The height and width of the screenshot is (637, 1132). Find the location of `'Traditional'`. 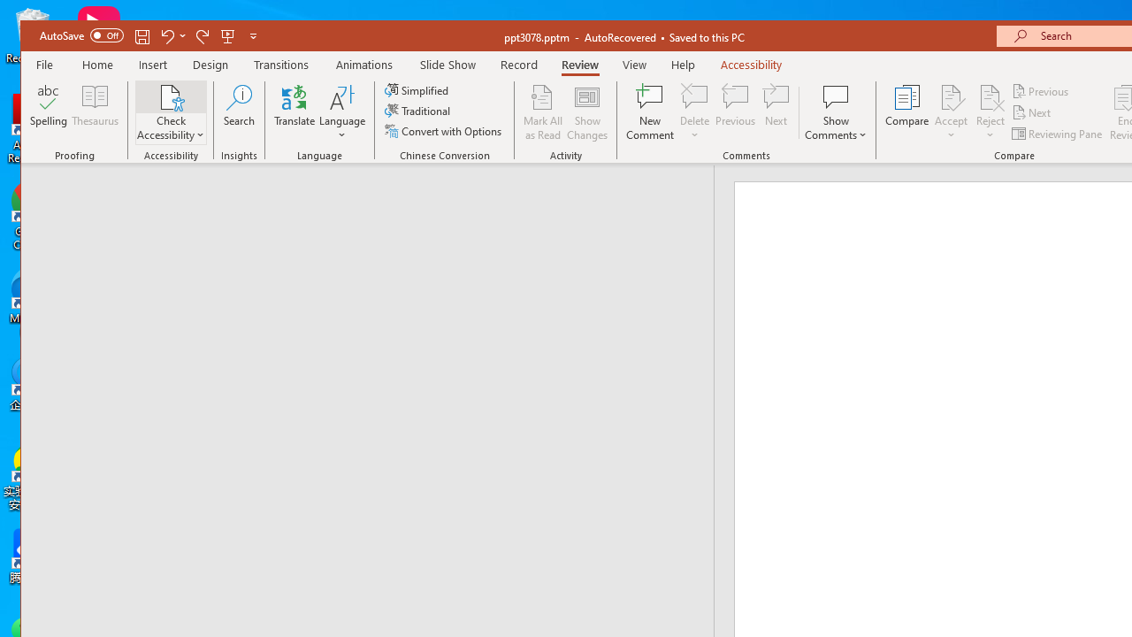

'Traditional' is located at coordinates (418, 111).